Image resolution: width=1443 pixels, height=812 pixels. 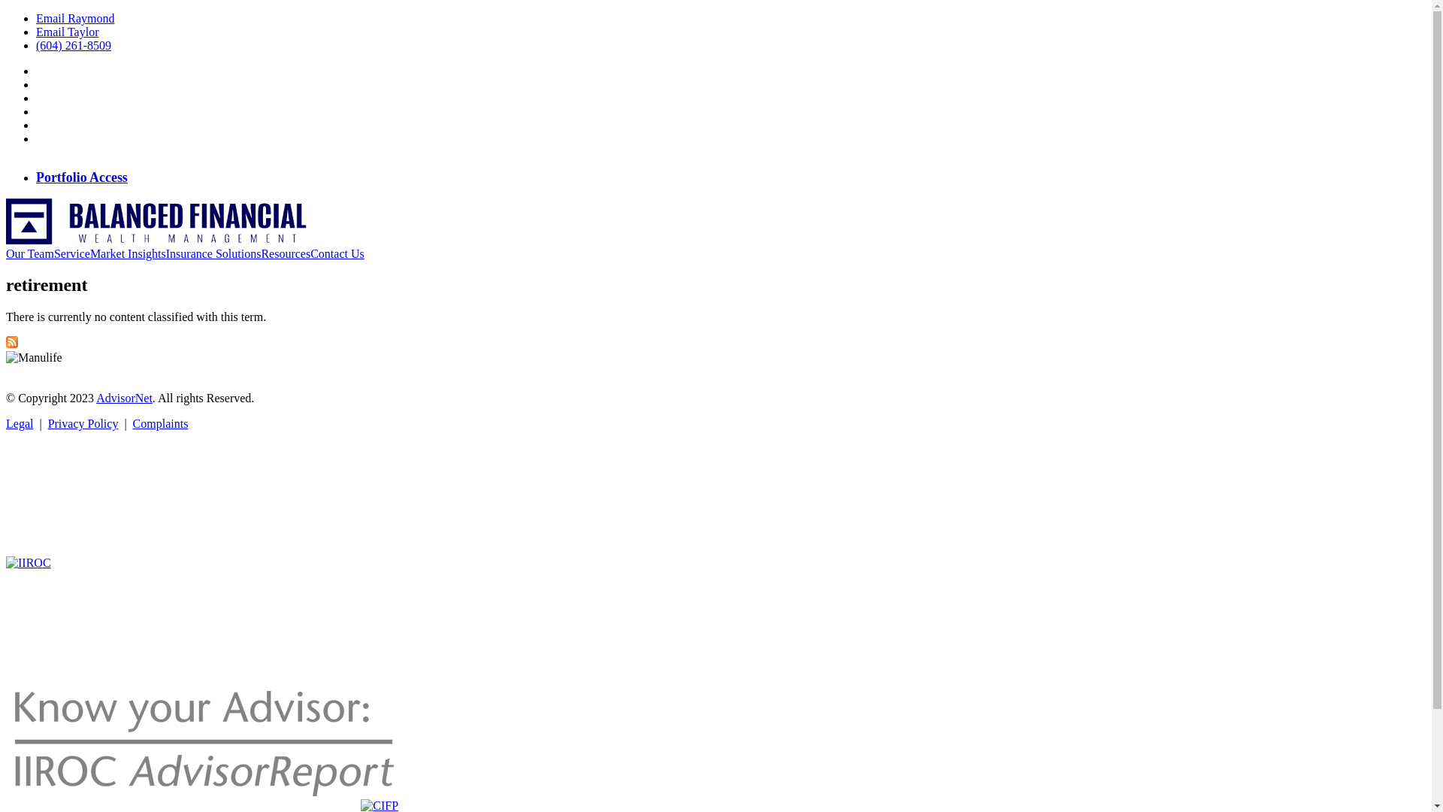 I want to click on 'Legal', so click(x=6, y=423).